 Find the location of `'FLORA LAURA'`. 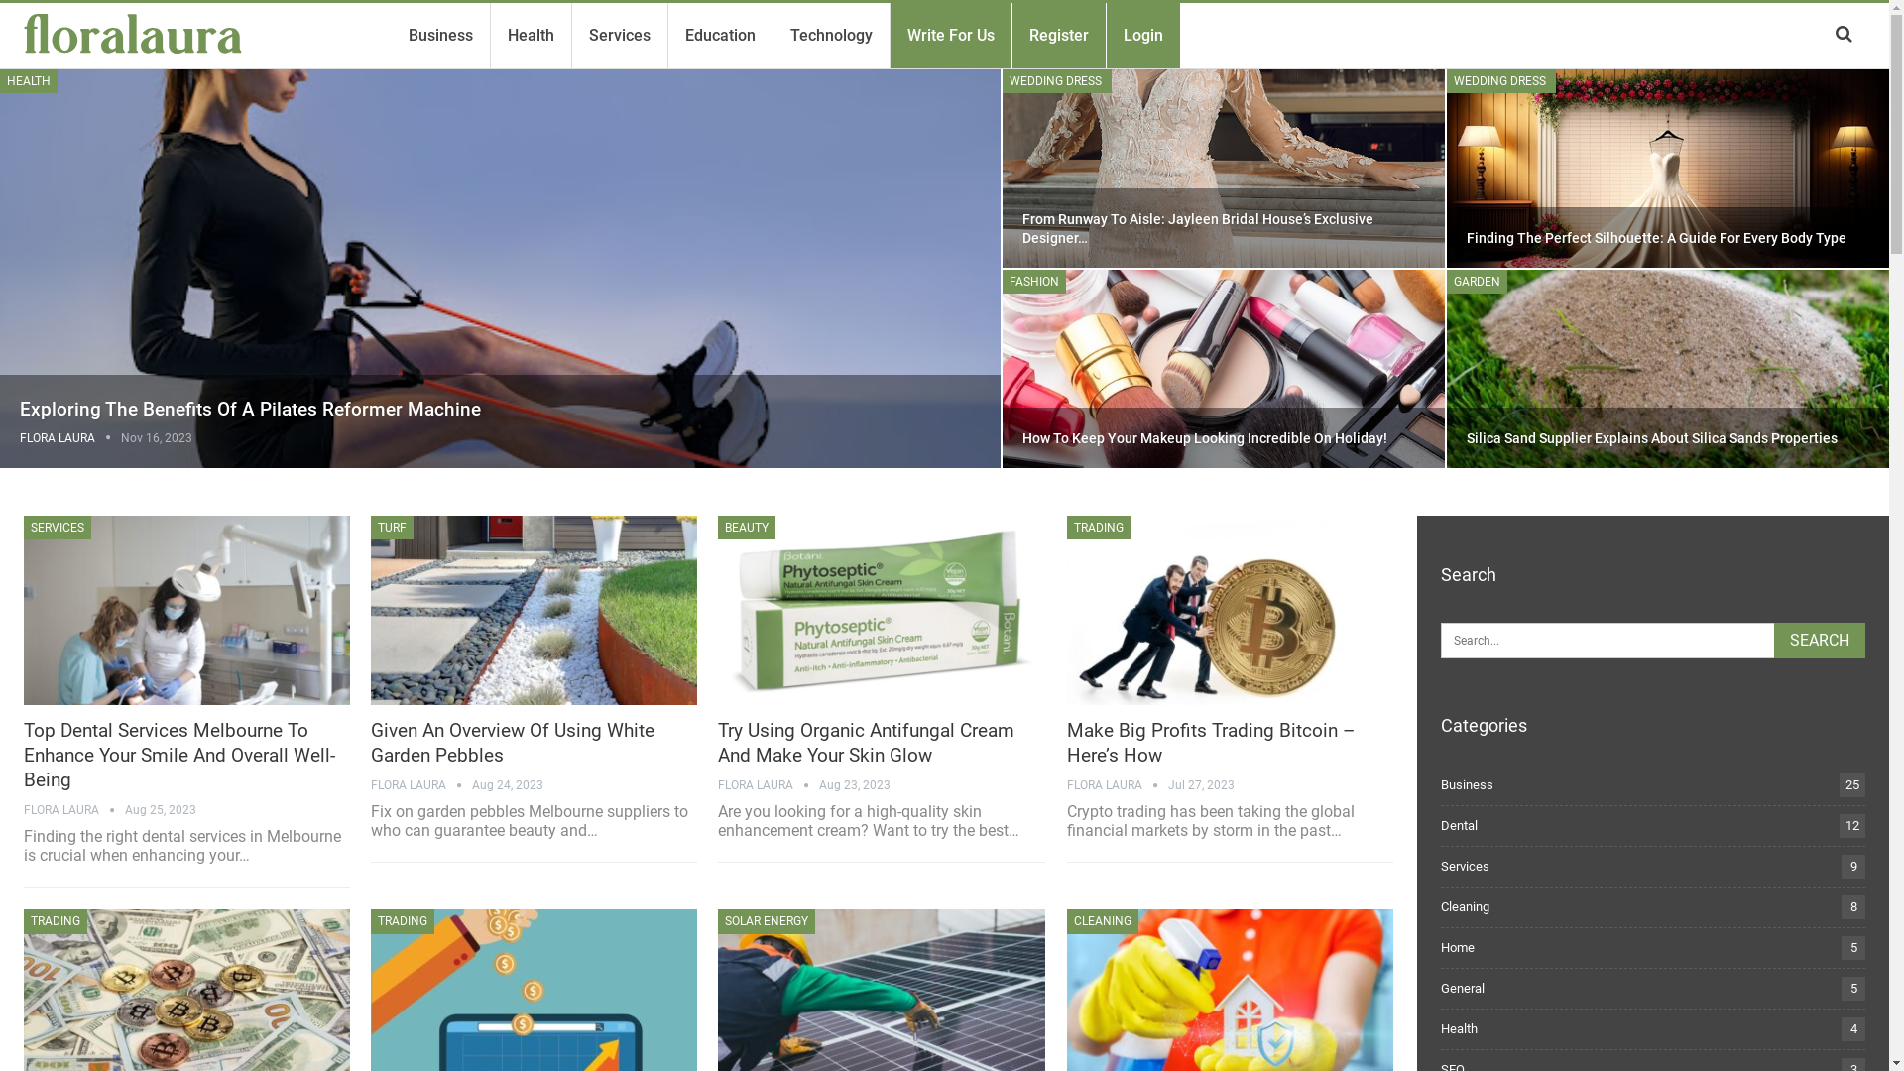

'FLORA LAURA' is located at coordinates (767, 783).